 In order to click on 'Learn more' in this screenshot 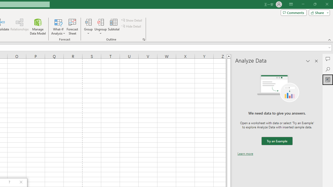, I will do `click(245, 153)`.